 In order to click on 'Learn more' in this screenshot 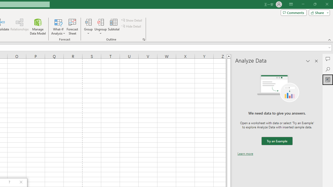, I will do `click(245, 153)`.